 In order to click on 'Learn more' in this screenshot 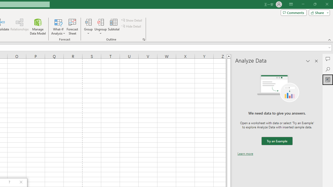, I will do `click(245, 153)`.